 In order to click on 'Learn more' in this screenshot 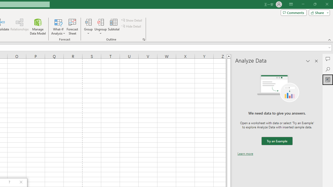, I will do `click(245, 153)`.